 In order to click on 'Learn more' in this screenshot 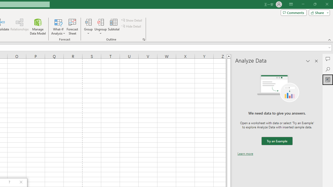, I will do `click(245, 153)`.